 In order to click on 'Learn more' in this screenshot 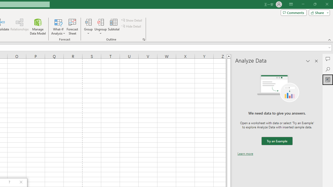, I will do `click(245, 153)`.